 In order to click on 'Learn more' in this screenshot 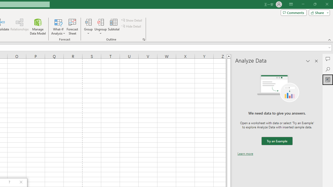, I will do `click(245, 153)`.